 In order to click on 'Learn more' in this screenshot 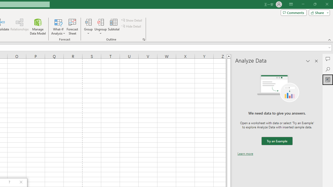, I will do `click(245, 153)`.